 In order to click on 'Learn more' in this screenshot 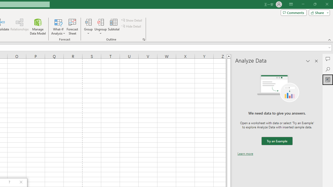, I will do `click(245, 153)`.